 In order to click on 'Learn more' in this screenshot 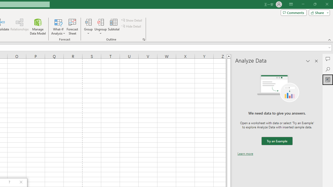, I will do `click(245, 153)`.